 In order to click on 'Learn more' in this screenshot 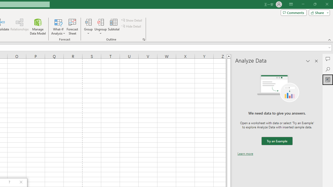, I will do `click(245, 153)`.